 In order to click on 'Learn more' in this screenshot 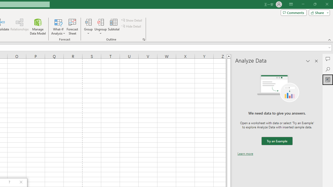, I will do `click(245, 153)`.